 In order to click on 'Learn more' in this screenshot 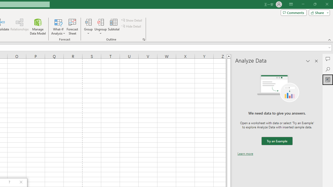, I will do `click(245, 153)`.